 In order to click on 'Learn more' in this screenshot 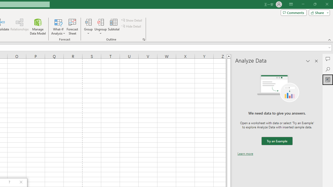, I will do `click(245, 153)`.